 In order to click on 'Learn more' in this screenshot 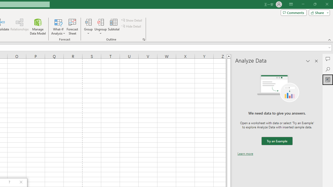, I will do `click(245, 153)`.